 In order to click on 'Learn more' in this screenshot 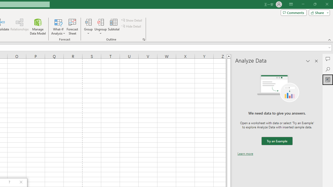, I will do `click(245, 153)`.